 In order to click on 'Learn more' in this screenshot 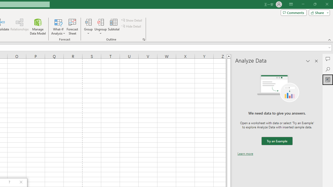, I will do `click(245, 153)`.